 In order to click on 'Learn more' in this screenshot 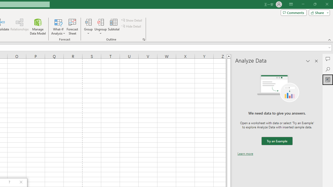, I will do `click(245, 153)`.